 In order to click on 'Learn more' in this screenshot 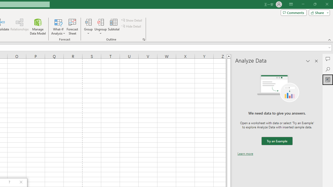, I will do `click(245, 153)`.